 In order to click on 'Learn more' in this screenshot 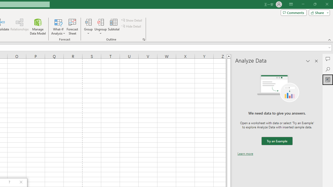, I will do `click(245, 153)`.